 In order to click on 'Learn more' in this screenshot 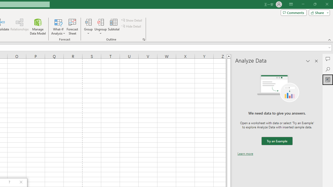, I will do `click(245, 153)`.